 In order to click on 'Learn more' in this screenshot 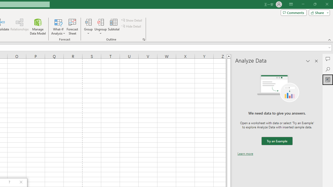, I will do `click(245, 153)`.